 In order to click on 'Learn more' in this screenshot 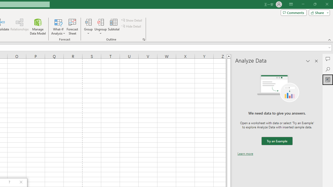, I will do `click(245, 153)`.